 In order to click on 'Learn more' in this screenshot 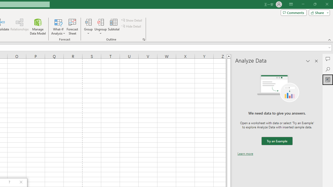, I will do `click(245, 153)`.